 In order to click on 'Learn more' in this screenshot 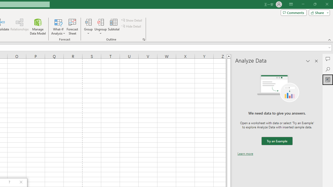, I will do `click(245, 153)`.